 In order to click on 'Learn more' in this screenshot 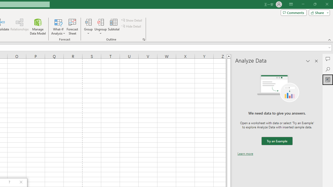, I will do `click(245, 153)`.